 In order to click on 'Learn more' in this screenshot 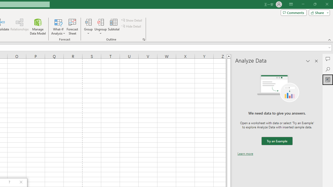, I will do `click(245, 153)`.